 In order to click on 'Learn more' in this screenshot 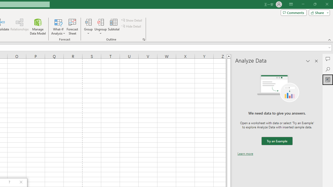, I will do `click(245, 153)`.